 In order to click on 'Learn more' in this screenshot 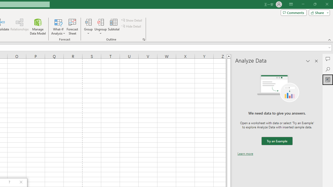, I will do `click(245, 153)`.